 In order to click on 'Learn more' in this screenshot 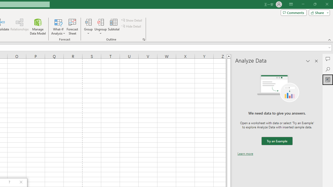, I will do `click(245, 153)`.